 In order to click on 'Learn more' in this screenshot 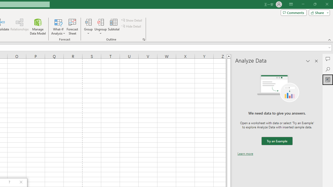, I will do `click(245, 153)`.